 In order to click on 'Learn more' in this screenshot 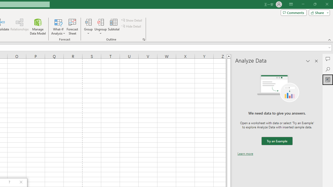, I will do `click(245, 153)`.